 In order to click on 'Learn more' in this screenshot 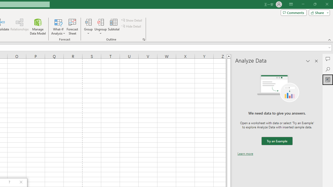, I will do `click(245, 153)`.